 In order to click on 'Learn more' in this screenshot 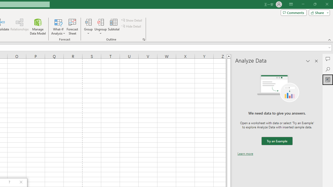, I will do `click(245, 153)`.